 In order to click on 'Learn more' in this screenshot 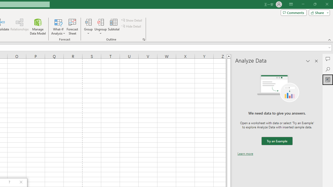, I will do `click(245, 153)`.